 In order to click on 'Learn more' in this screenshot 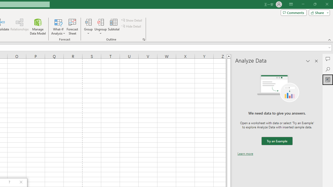, I will do `click(245, 153)`.